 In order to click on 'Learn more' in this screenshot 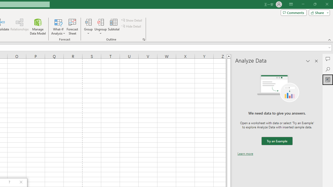, I will do `click(245, 153)`.